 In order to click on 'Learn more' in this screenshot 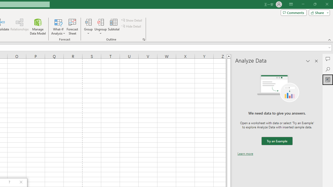, I will do `click(245, 153)`.